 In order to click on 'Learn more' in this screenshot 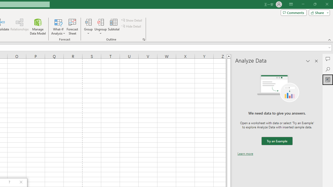, I will do `click(245, 153)`.